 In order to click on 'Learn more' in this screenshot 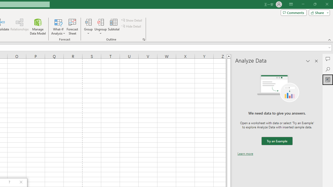, I will do `click(245, 153)`.